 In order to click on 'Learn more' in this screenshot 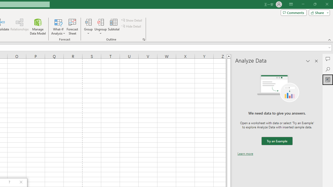, I will do `click(245, 153)`.